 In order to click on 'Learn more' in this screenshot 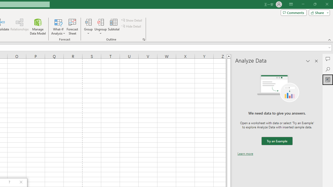, I will do `click(245, 153)`.